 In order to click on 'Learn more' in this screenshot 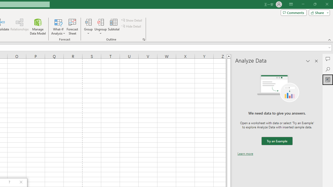, I will do `click(245, 153)`.